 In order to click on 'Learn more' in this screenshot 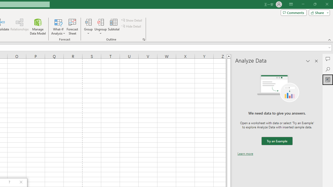, I will do `click(245, 153)`.